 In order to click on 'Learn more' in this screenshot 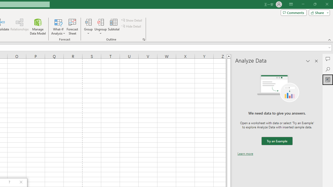, I will do `click(245, 153)`.